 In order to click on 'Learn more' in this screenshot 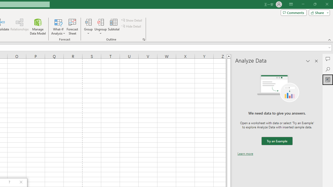, I will do `click(245, 153)`.